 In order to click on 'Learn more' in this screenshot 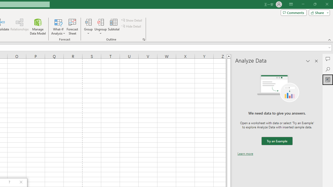, I will do `click(245, 153)`.